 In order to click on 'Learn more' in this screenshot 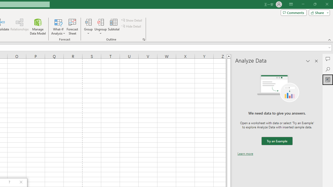, I will do `click(245, 153)`.